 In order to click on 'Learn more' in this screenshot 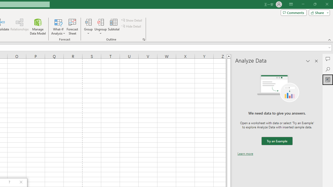, I will do `click(245, 153)`.